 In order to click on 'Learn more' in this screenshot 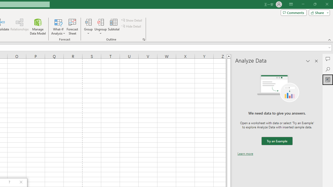, I will do `click(245, 153)`.